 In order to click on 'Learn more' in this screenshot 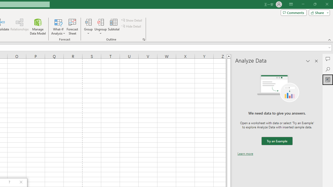, I will do `click(245, 153)`.